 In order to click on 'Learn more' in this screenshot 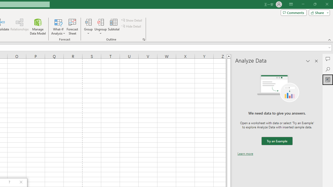, I will do `click(245, 153)`.